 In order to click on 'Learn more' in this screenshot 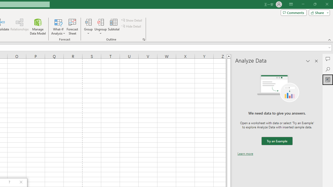, I will do `click(245, 153)`.